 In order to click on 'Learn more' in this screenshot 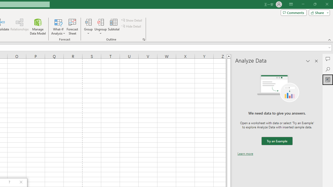, I will do `click(245, 153)`.